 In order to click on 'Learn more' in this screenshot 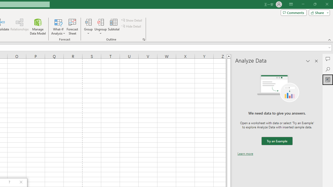, I will do `click(245, 153)`.